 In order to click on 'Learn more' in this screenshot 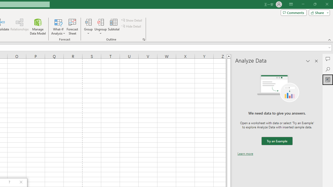, I will do `click(245, 153)`.